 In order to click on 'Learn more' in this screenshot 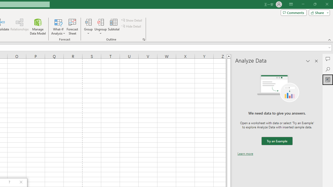, I will do `click(245, 153)`.